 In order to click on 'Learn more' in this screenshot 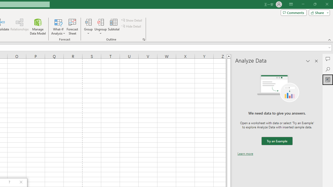, I will do `click(245, 153)`.